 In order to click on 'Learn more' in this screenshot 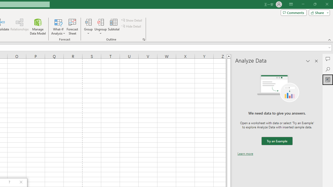, I will do `click(245, 153)`.